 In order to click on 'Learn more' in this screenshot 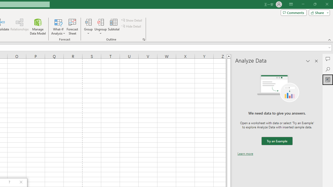, I will do `click(245, 153)`.